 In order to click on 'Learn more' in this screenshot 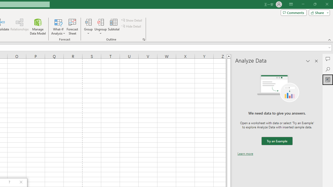, I will do `click(245, 153)`.